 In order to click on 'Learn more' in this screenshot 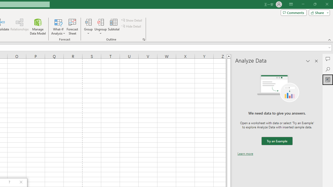, I will do `click(245, 153)`.